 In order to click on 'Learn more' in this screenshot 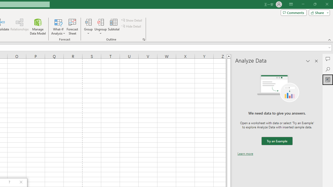, I will do `click(245, 153)`.